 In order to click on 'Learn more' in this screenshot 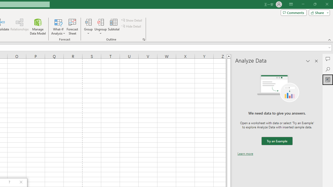, I will do `click(245, 153)`.